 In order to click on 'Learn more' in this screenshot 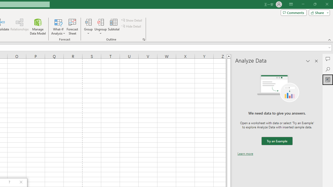, I will do `click(245, 153)`.